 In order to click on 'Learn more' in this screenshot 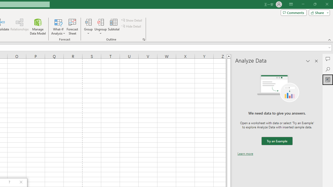, I will do `click(245, 153)`.